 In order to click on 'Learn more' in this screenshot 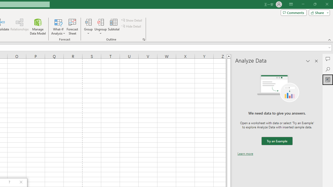, I will do `click(245, 153)`.